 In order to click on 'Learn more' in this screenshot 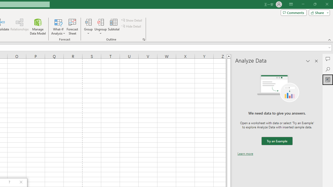, I will do `click(245, 153)`.